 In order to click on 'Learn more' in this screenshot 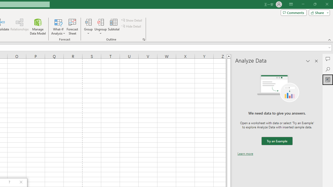, I will do `click(245, 153)`.